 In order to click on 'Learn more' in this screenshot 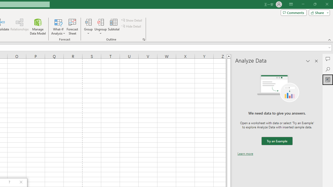, I will do `click(245, 153)`.